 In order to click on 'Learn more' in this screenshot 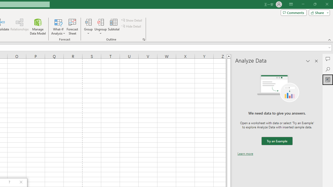, I will do `click(245, 153)`.